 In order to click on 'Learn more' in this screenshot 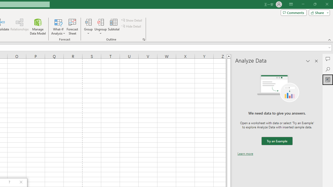, I will do `click(245, 153)`.